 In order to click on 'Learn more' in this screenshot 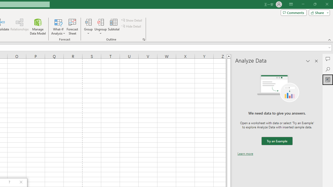, I will do `click(245, 153)`.